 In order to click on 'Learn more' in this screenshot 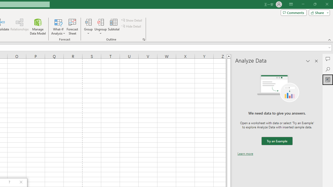, I will do `click(245, 153)`.